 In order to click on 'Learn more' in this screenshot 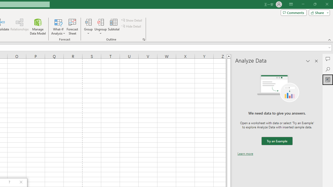, I will do `click(245, 153)`.